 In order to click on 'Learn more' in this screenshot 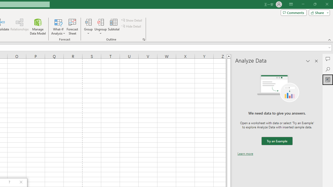, I will do `click(245, 153)`.